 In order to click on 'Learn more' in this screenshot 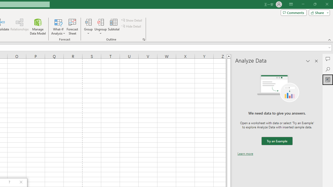, I will do `click(245, 153)`.